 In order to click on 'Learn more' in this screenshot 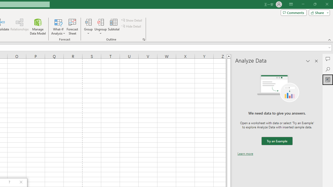, I will do `click(245, 153)`.